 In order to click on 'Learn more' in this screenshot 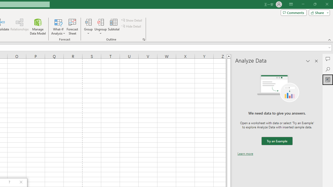, I will do `click(245, 153)`.